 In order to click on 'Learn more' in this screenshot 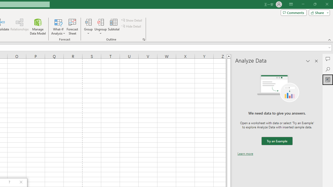, I will do `click(245, 153)`.